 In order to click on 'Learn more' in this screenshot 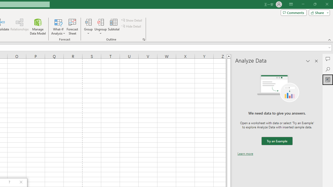, I will do `click(245, 153)`.